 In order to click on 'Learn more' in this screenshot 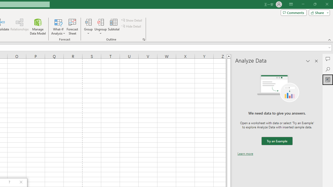, I will do `click(245, 153)`.